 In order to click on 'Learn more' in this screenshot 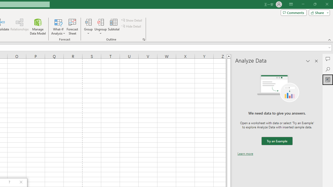, I will do `click(245, 153)`.